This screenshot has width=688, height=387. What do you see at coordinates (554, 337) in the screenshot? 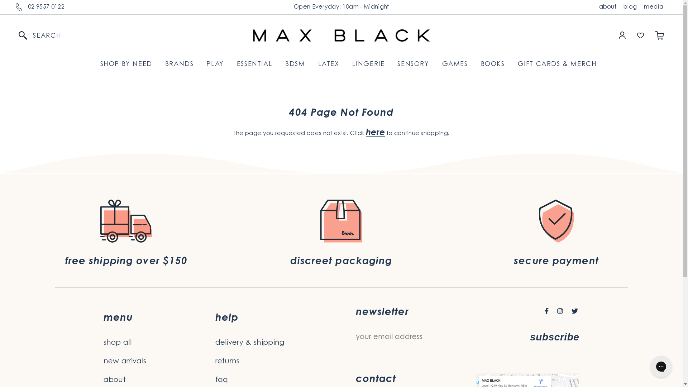
I see `'subscribe'` at bounding box center [554, 337].